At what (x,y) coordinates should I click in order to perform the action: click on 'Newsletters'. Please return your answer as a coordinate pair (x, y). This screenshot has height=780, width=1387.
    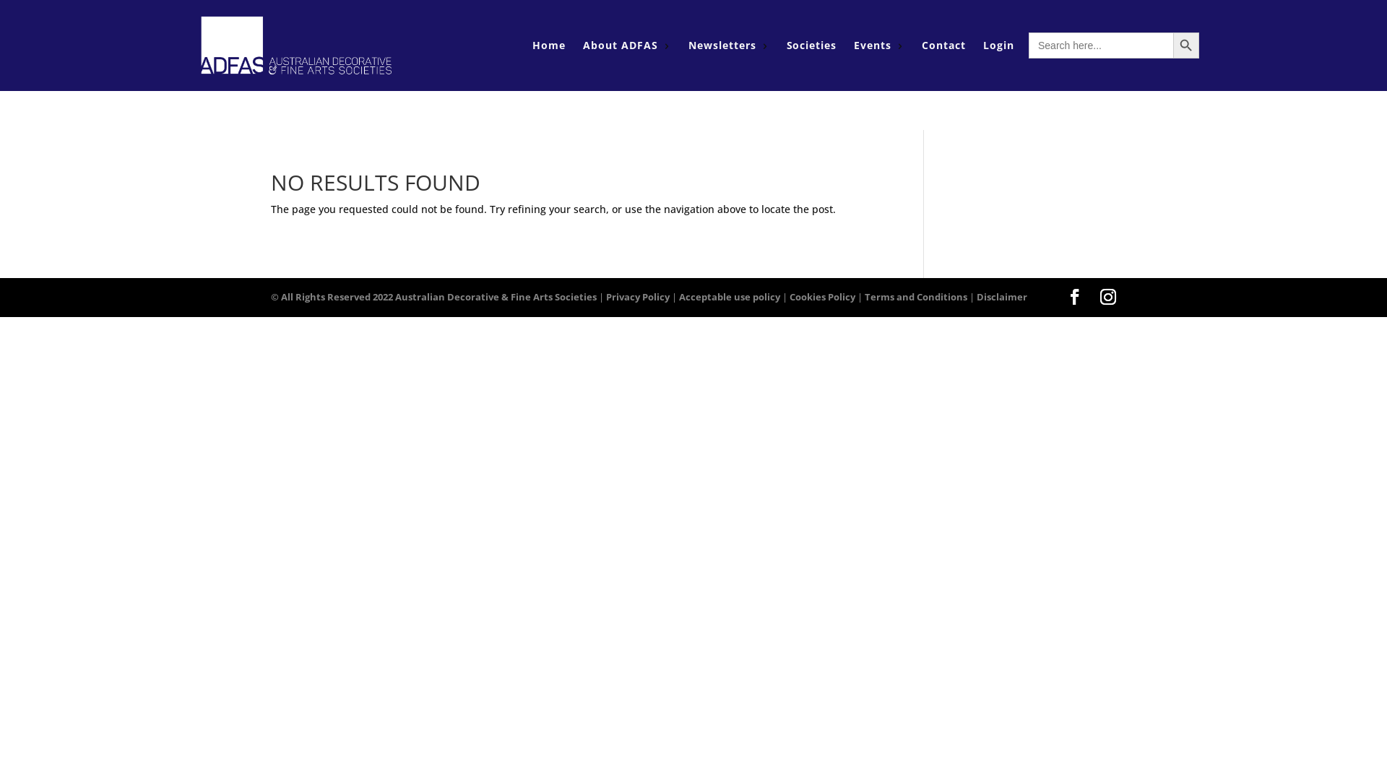
    Looking at the image, I should click on (688, 44).